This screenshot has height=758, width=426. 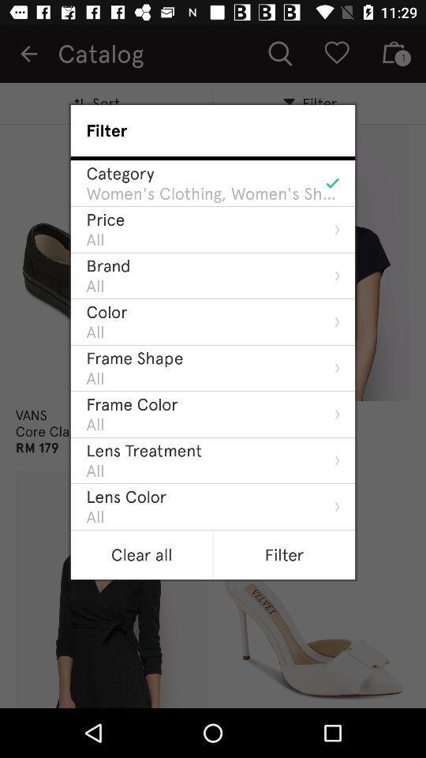 I want to click on women s clothing, so click(x=213, y=193).